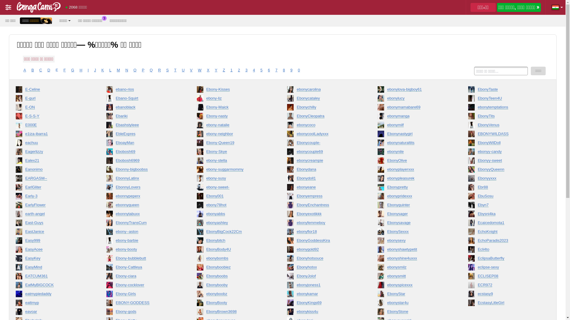 The height and width of the screenshot is (320, 570). What do you see at coordinates (143, 286) in the screenshot?
I see `'Ebony-cocklover'` at bounding box center [143, 286].